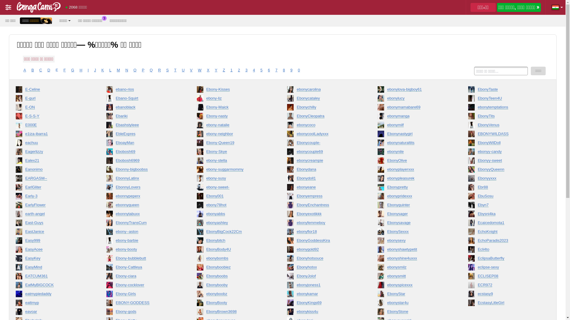 The height and width of the screenshot is (320, 570). What do you see at coordinates (143, 286) in the screenshot?
I see `'Ebony-cocklover'` at bounding box center [143, 286].